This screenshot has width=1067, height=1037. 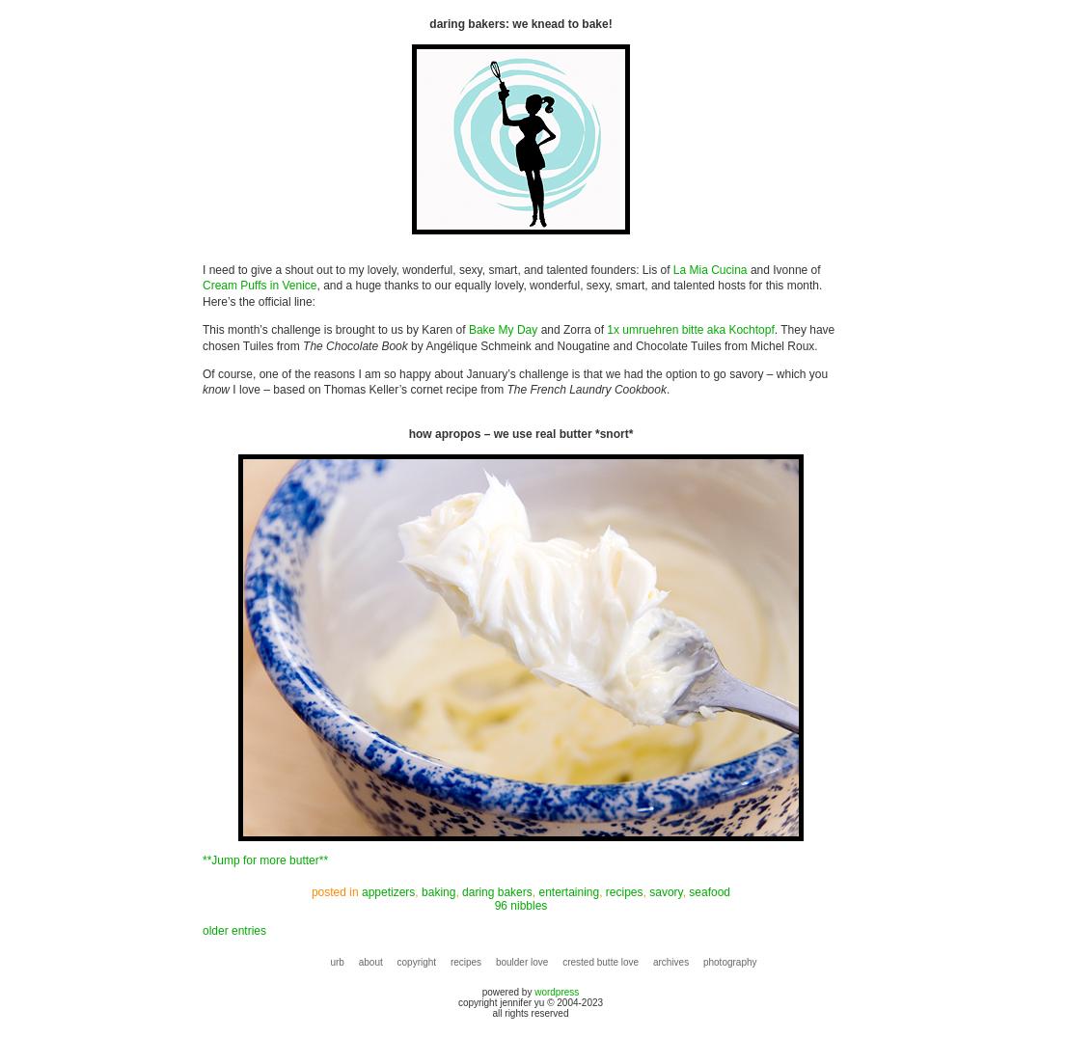 I want to click on 'urb', so click(x=337, y=960).